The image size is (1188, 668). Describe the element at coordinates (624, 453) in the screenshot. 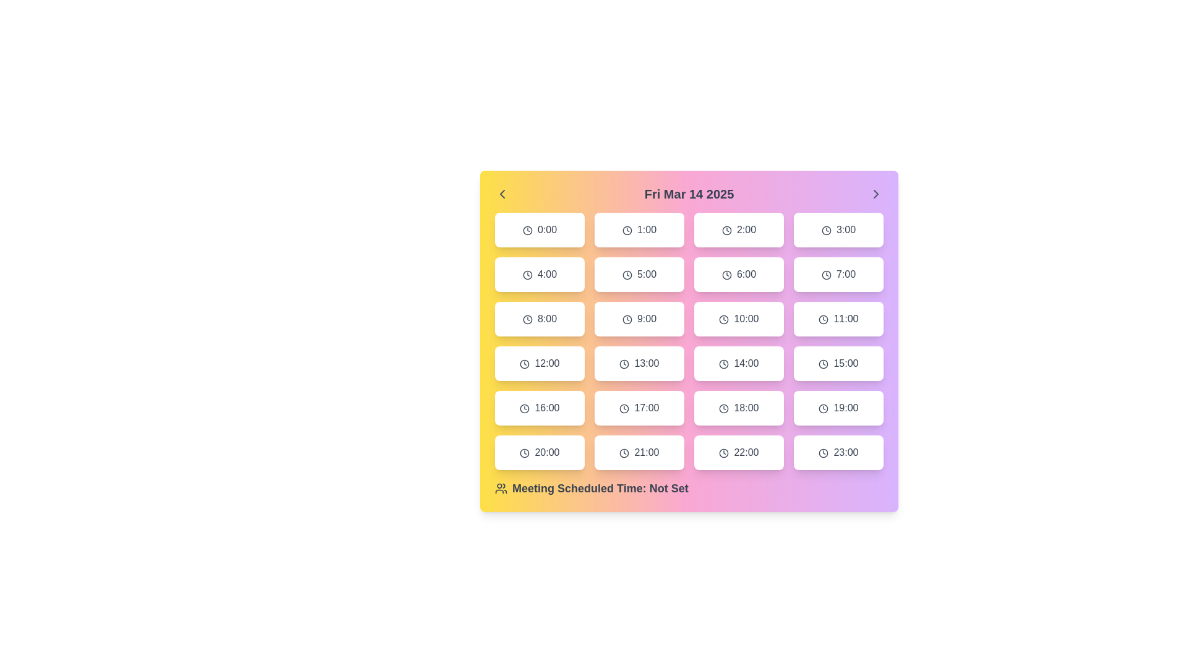

I see `the circular base of the clock icon next to the '21:00' time entry in the matrix of time values` at that location.